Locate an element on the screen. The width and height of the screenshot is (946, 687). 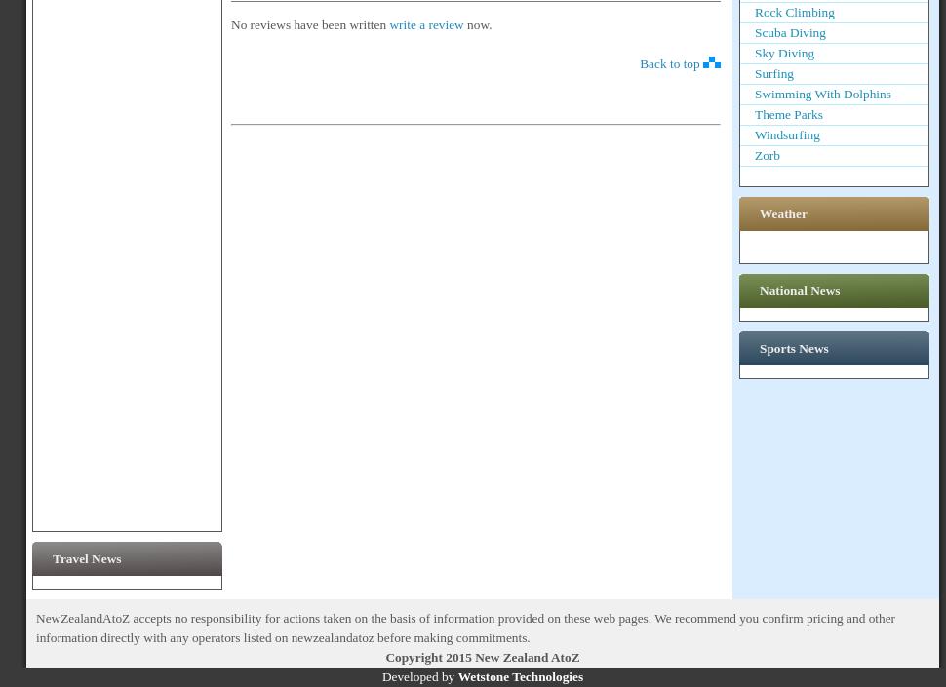
'Zorb' is located at coordinates (767, 154).